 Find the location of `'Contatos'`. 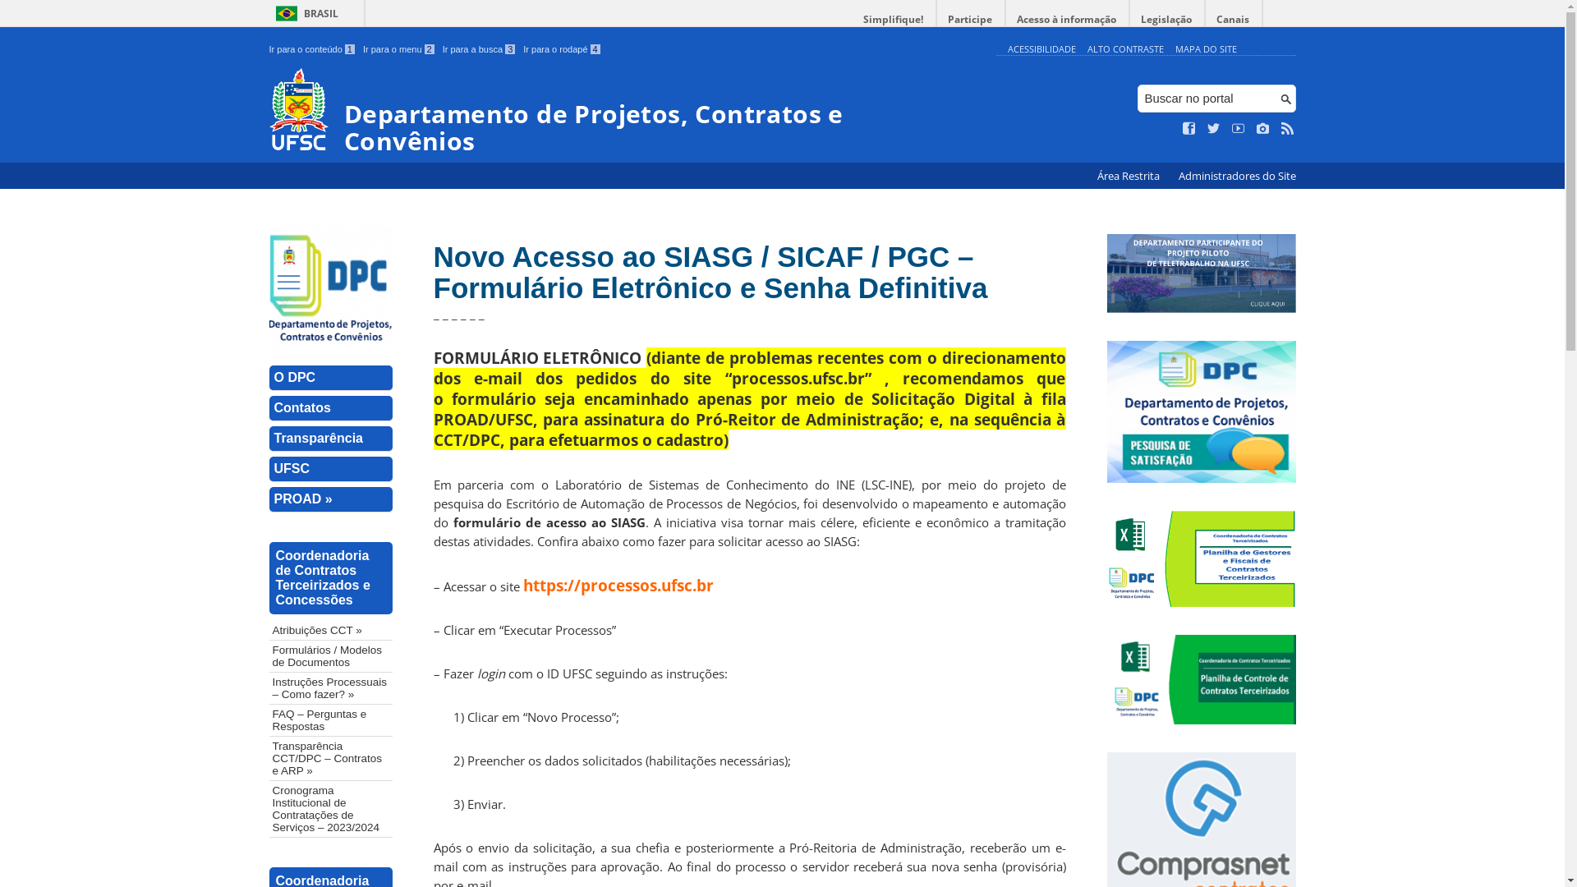

'Contatos' is located at coordinates (330, 407).